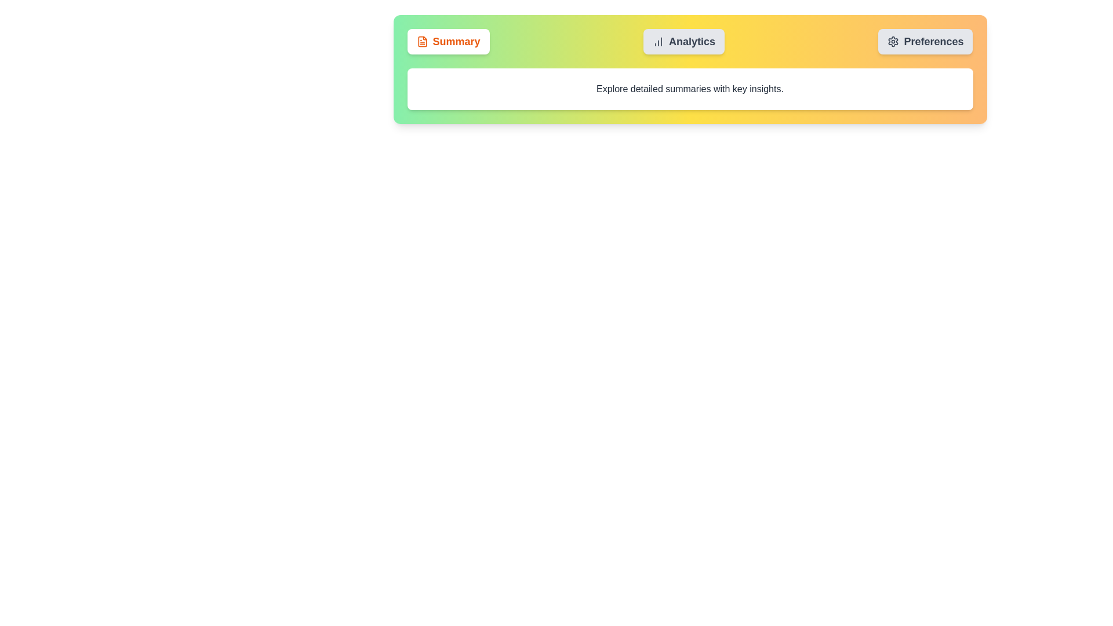 The image size is (1113, 626). I want to click on the 'Analytics' button, which features rounded corners, a gray background, and a bar chart icon on the left, so click(684, 41).